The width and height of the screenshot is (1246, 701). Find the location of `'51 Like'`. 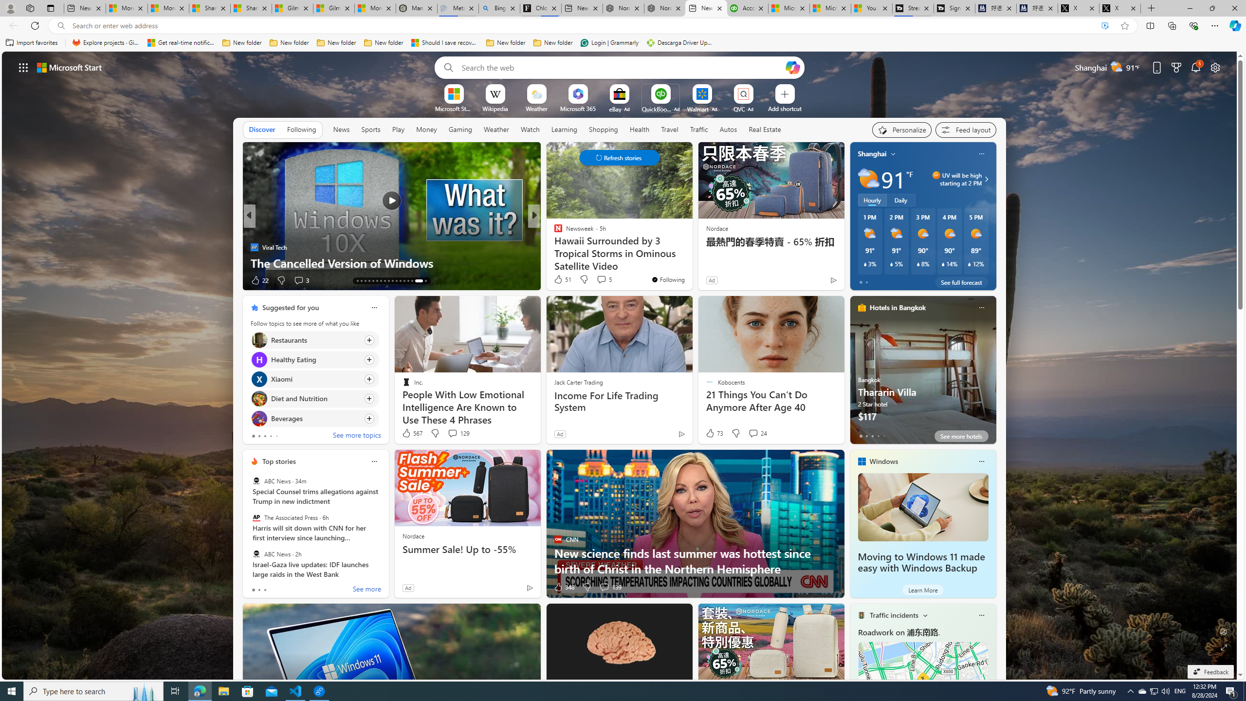

'51 Like' is located at coordinates (562, 278).